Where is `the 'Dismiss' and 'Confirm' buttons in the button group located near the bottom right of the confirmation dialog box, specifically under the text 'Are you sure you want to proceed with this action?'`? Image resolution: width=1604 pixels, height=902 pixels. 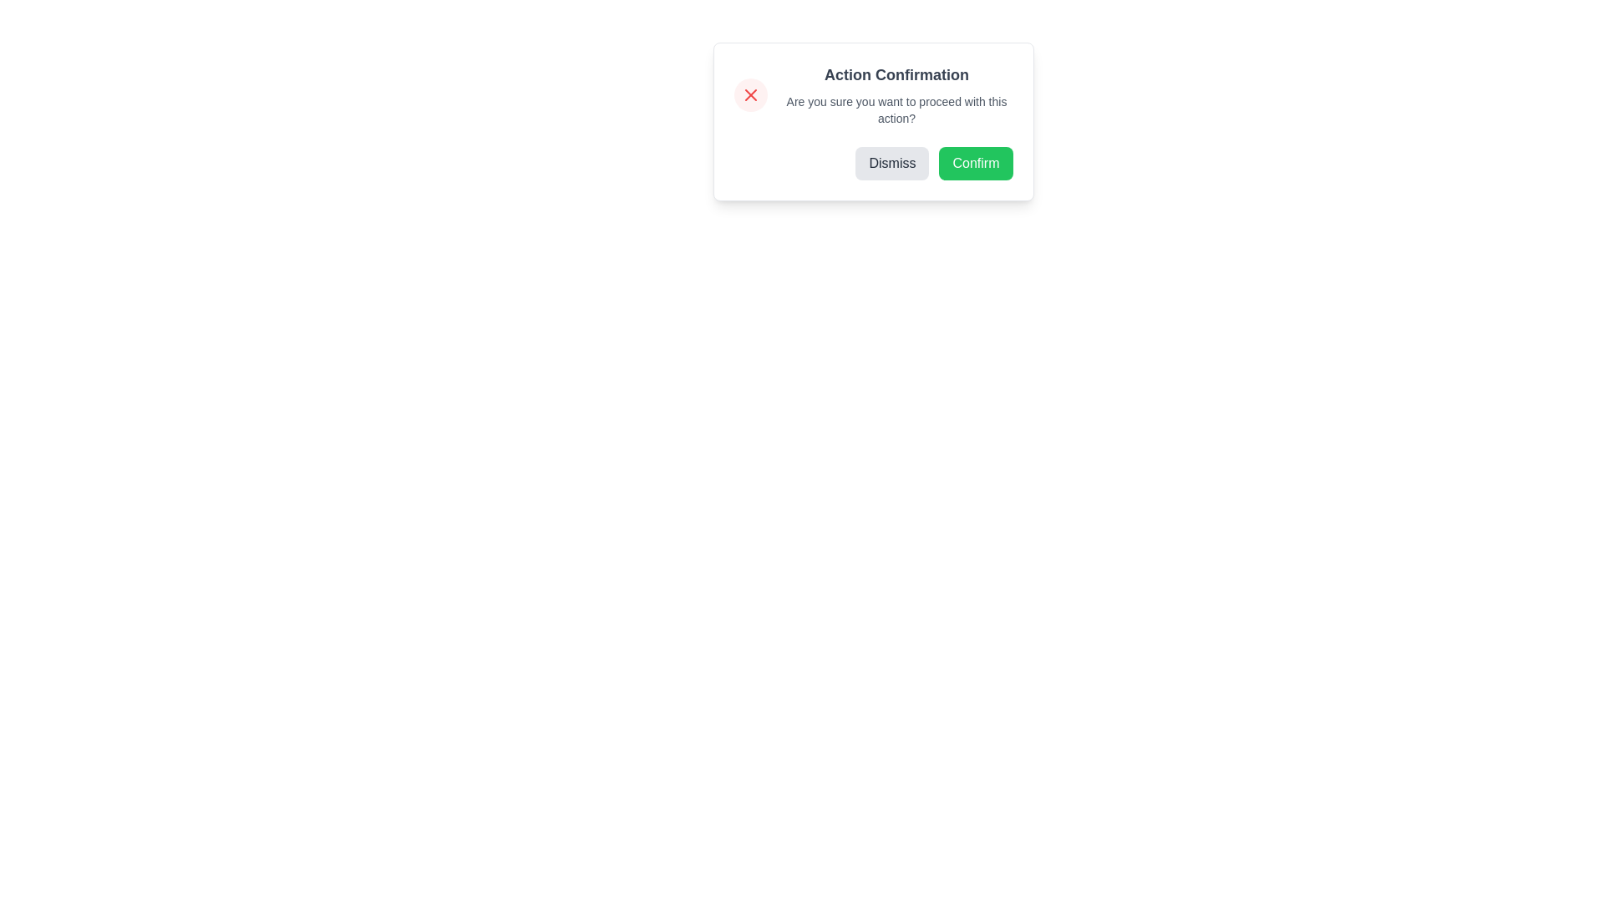
the 'Dismiss' and 'Confirm' buttons in the button group located near the bottom right of the confirmation dialog box, specifically under the text 'Are you sure you want to proceed with this action?' is located at coordinates (872, 164).